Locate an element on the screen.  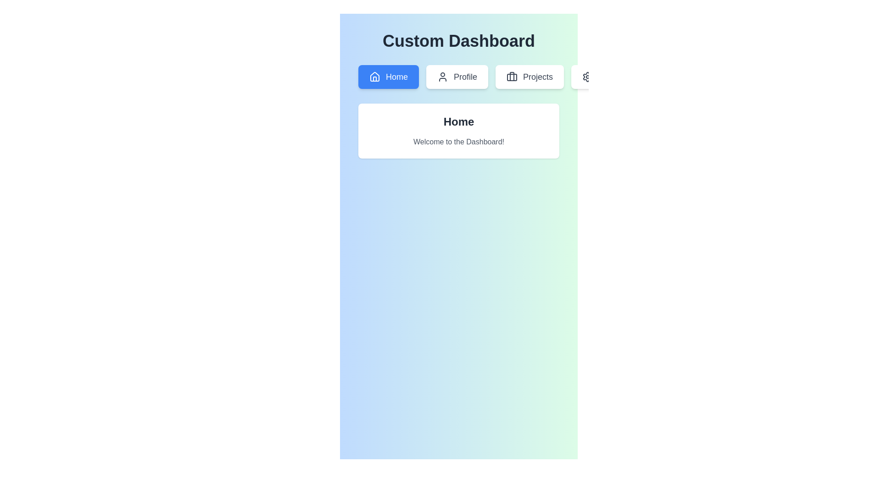
the greeting text element located beneath the 'Home' text within the white card area, which serves to greet the user and establish context for the dashboard section is located at coordinates (458, 142).